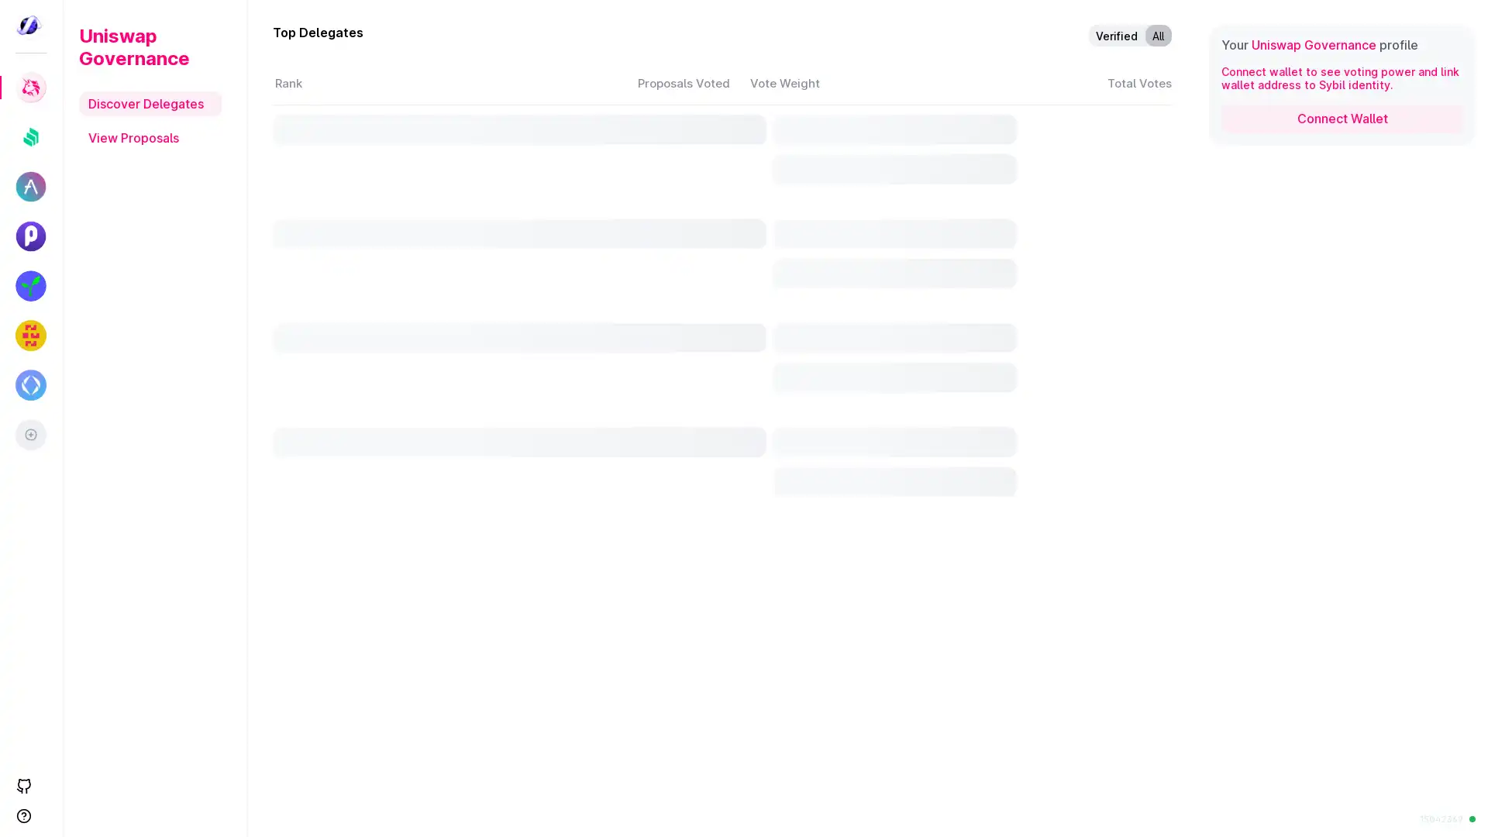 This screenshot has height=837, width=1488. Describe the element at coordinates (1028, 577) in the screenshot. I see `Delegate` at that location.